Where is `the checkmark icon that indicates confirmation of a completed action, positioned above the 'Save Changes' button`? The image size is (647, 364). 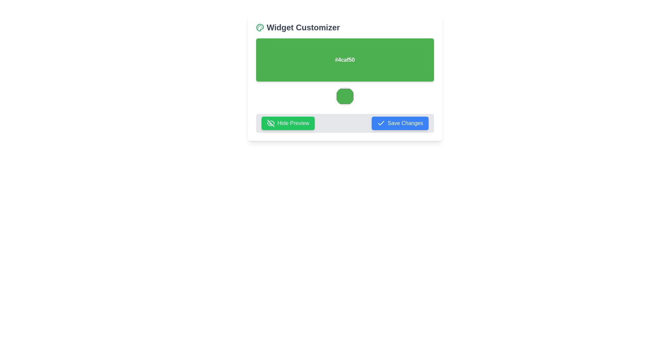
the checkmark icon that indicates confirmation of a completed action, positioned above the 'Save Changes' button is located at coordinates (381, 123).